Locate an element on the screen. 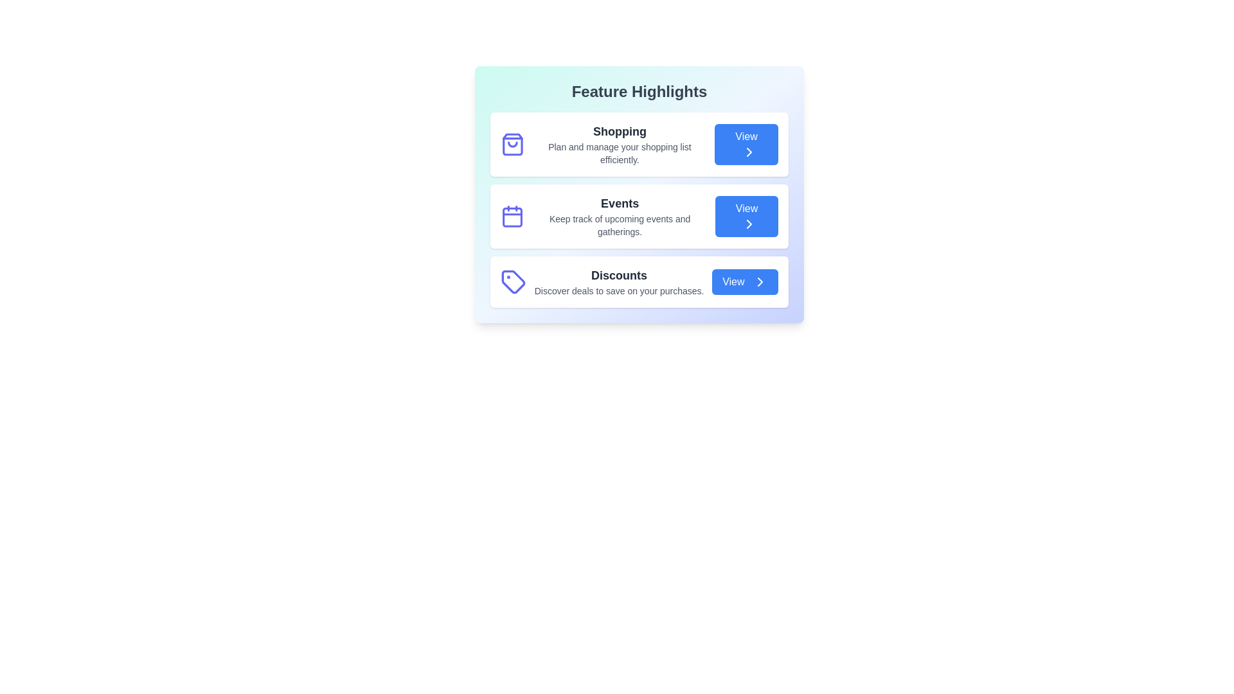 This screenshot has height=694, width=1234. the 'View' button for the feature Shopping is located at coordinates (746, 144).